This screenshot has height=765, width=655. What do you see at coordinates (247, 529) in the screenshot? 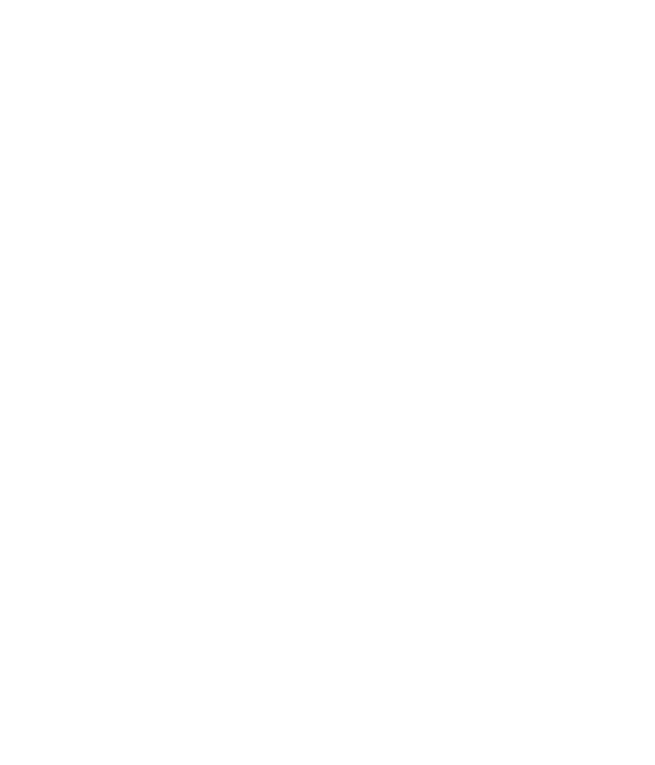
I see `'Black Box to Showcase Emerald KVM-Over-IP Solutions for Secure Connectivity and Collaboration at PMRExpo 2023'` at bounding box center [247, 529].